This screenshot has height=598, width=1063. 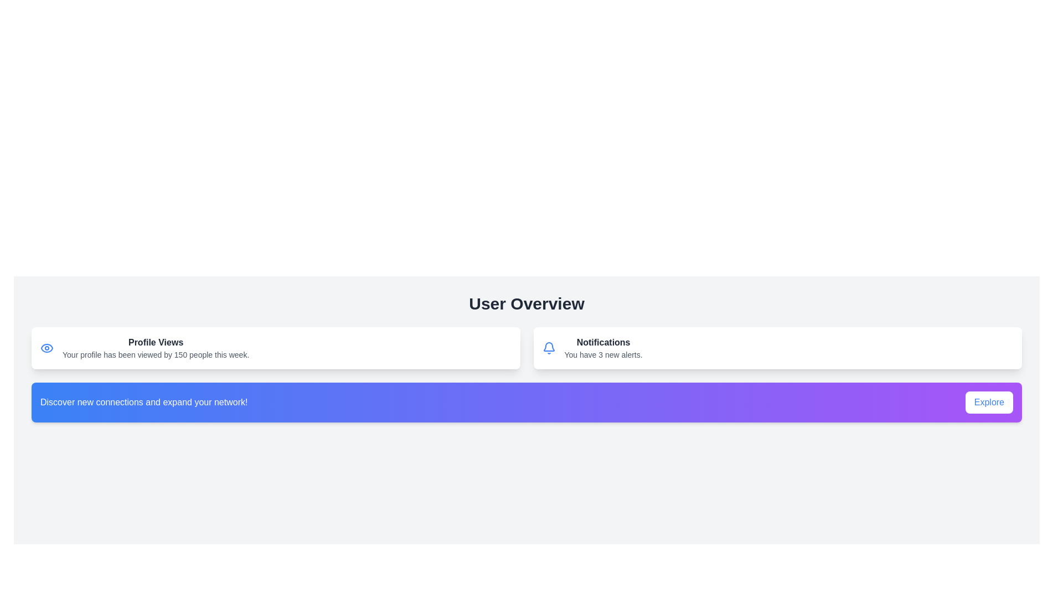 What do you see at coordinates (549, 346) in the screenshot?
I see `the bell-like notification icon located at the center of the top-right notification card in the User Overview interface` at bounding box center [549, 346].